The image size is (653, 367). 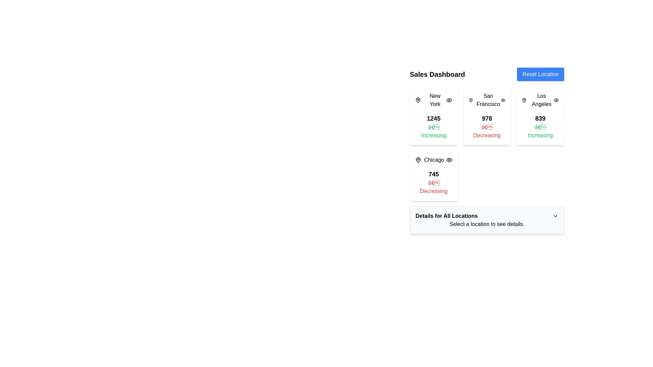 I want to click on the expand/collapse chevron icon located at the right end of the 'Details for All Locations' section to trigger potential hover effects, so click(x=555, y=216).